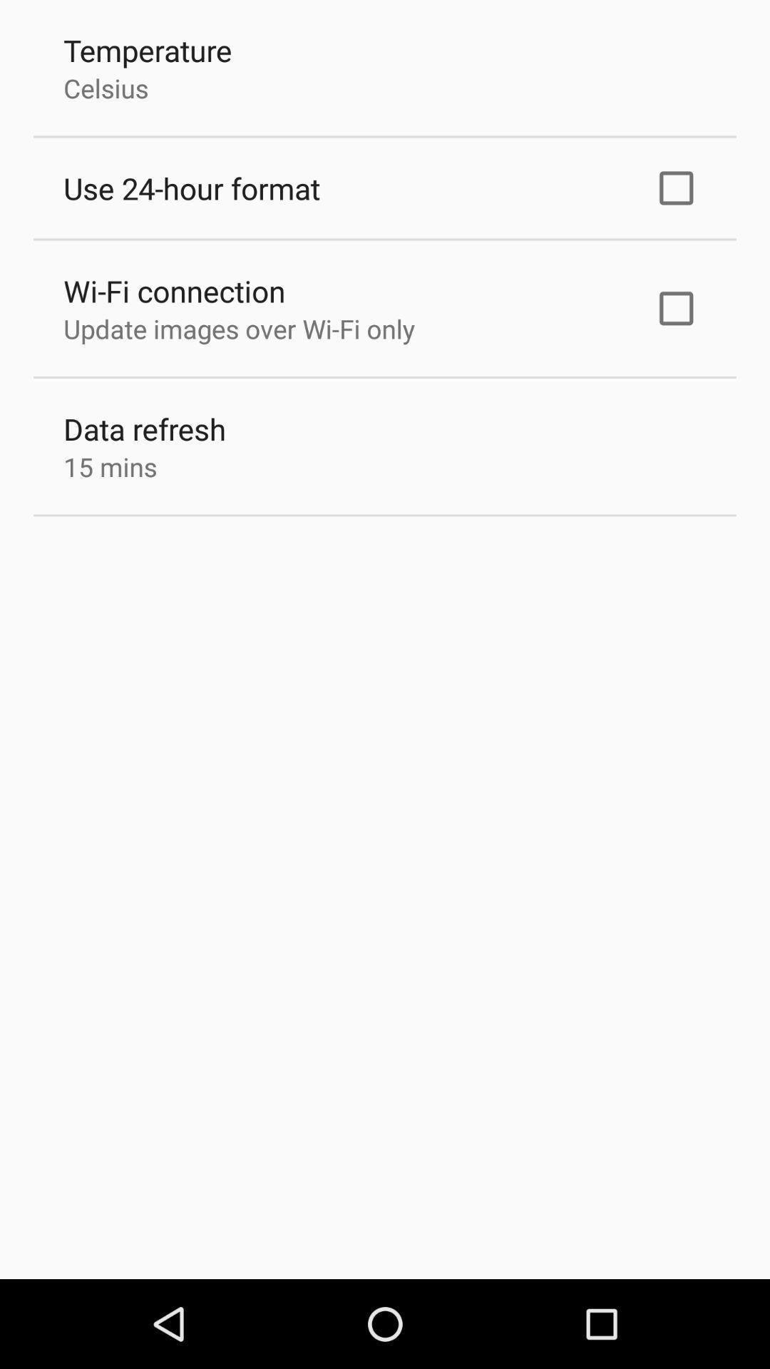  What do you see at coordinates (105, 87) in the screenshot?
I see `the celsius` at bounding box center [105, 87].